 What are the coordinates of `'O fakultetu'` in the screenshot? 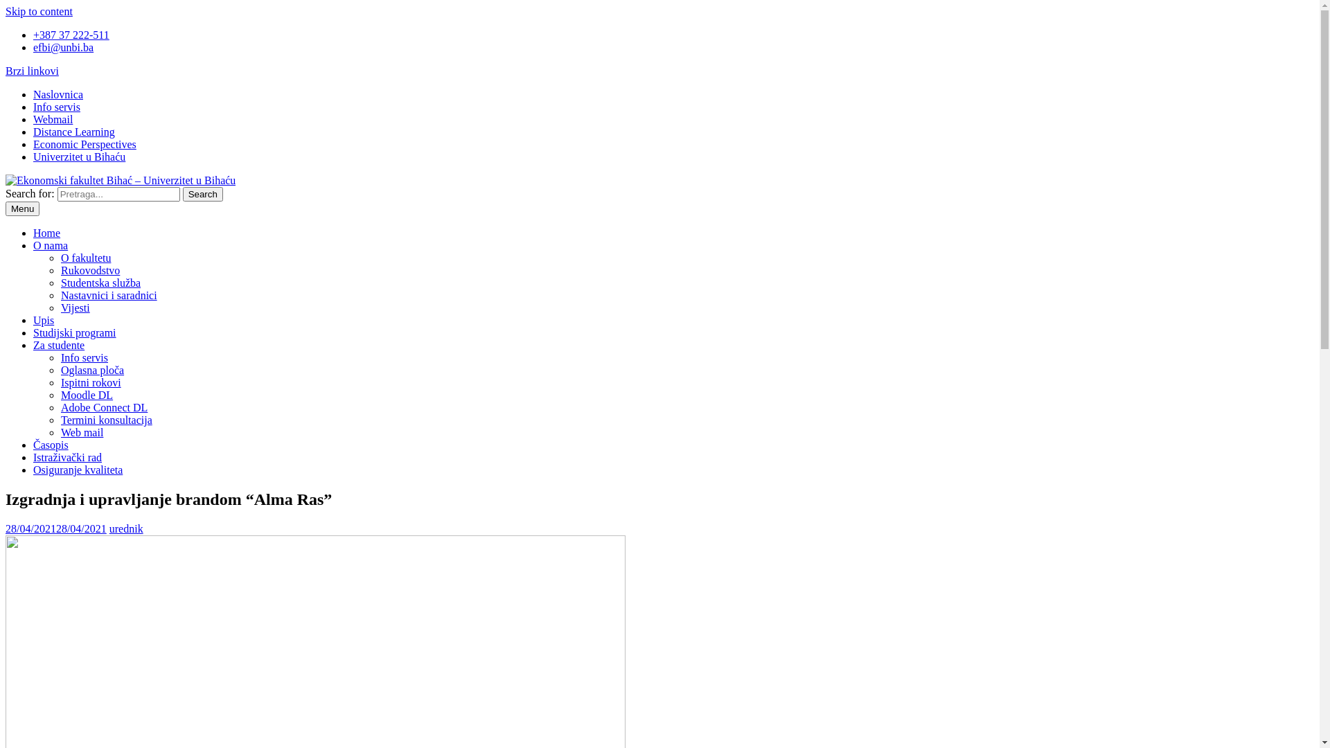 It's located at (85, 258).